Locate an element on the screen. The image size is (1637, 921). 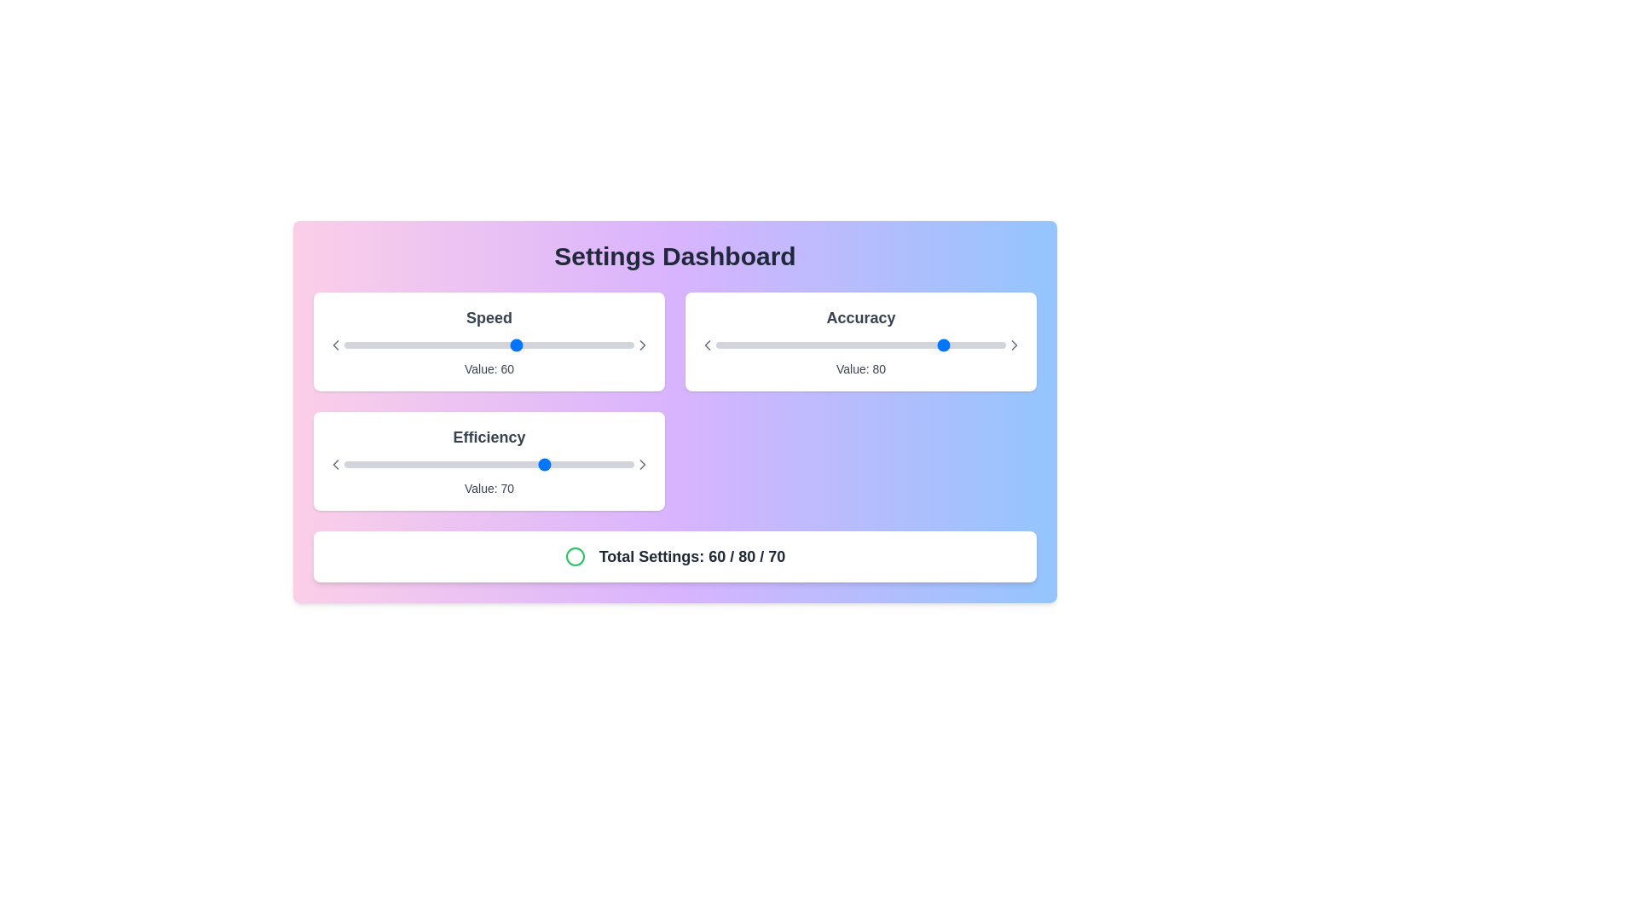
the speed setting is located at coordinates (573, 345).